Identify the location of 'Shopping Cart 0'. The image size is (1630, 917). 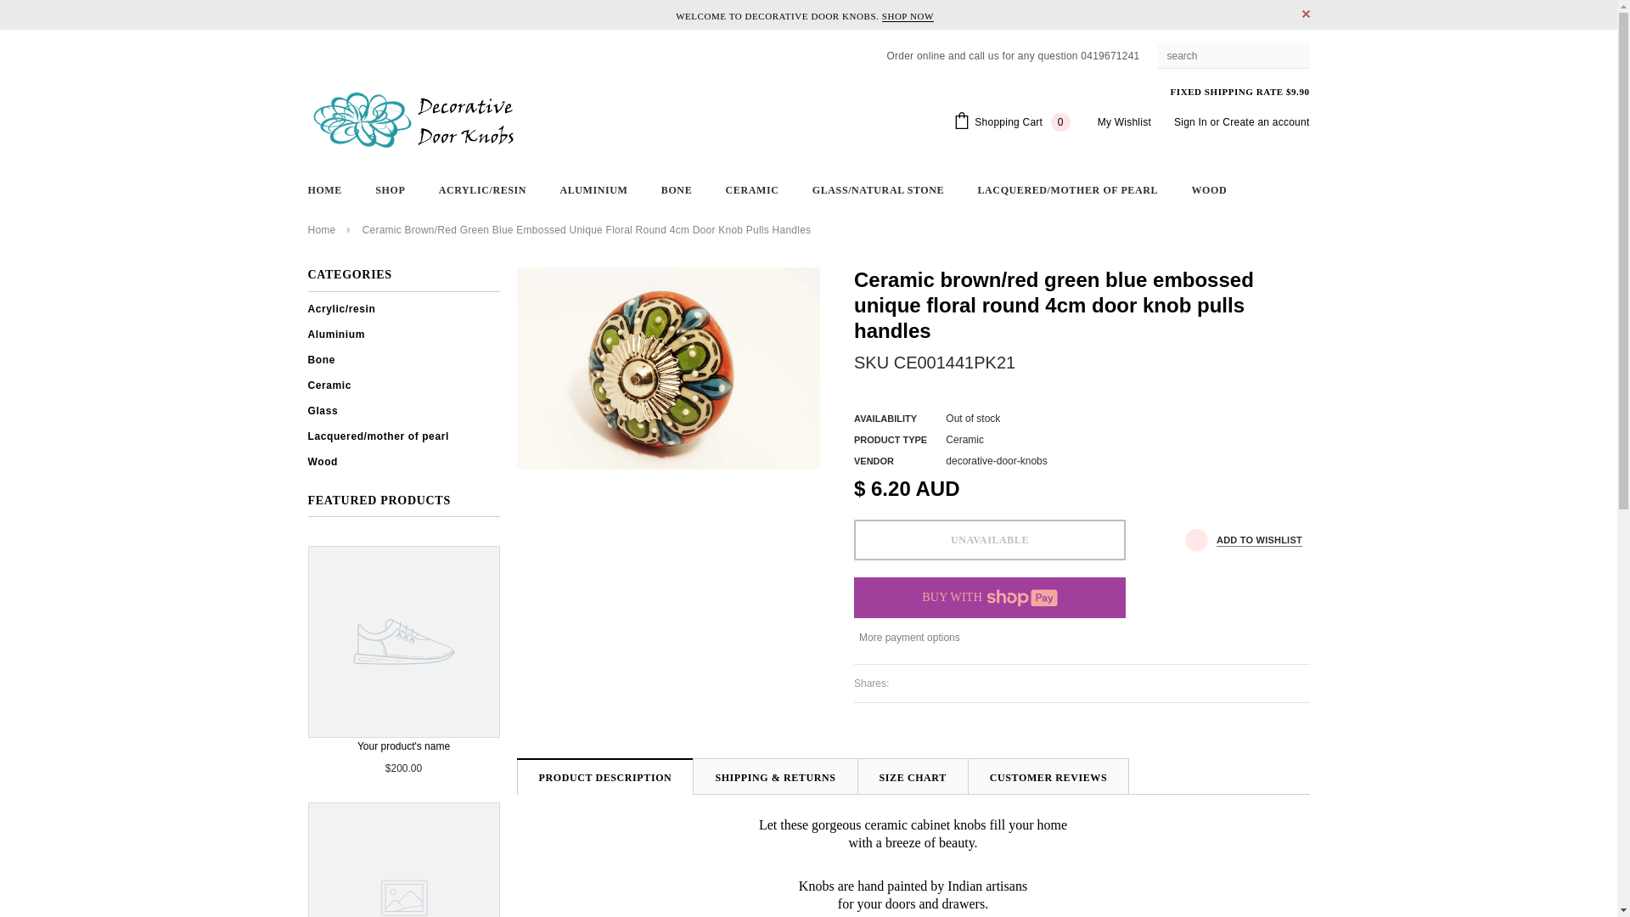
(1011, 121).